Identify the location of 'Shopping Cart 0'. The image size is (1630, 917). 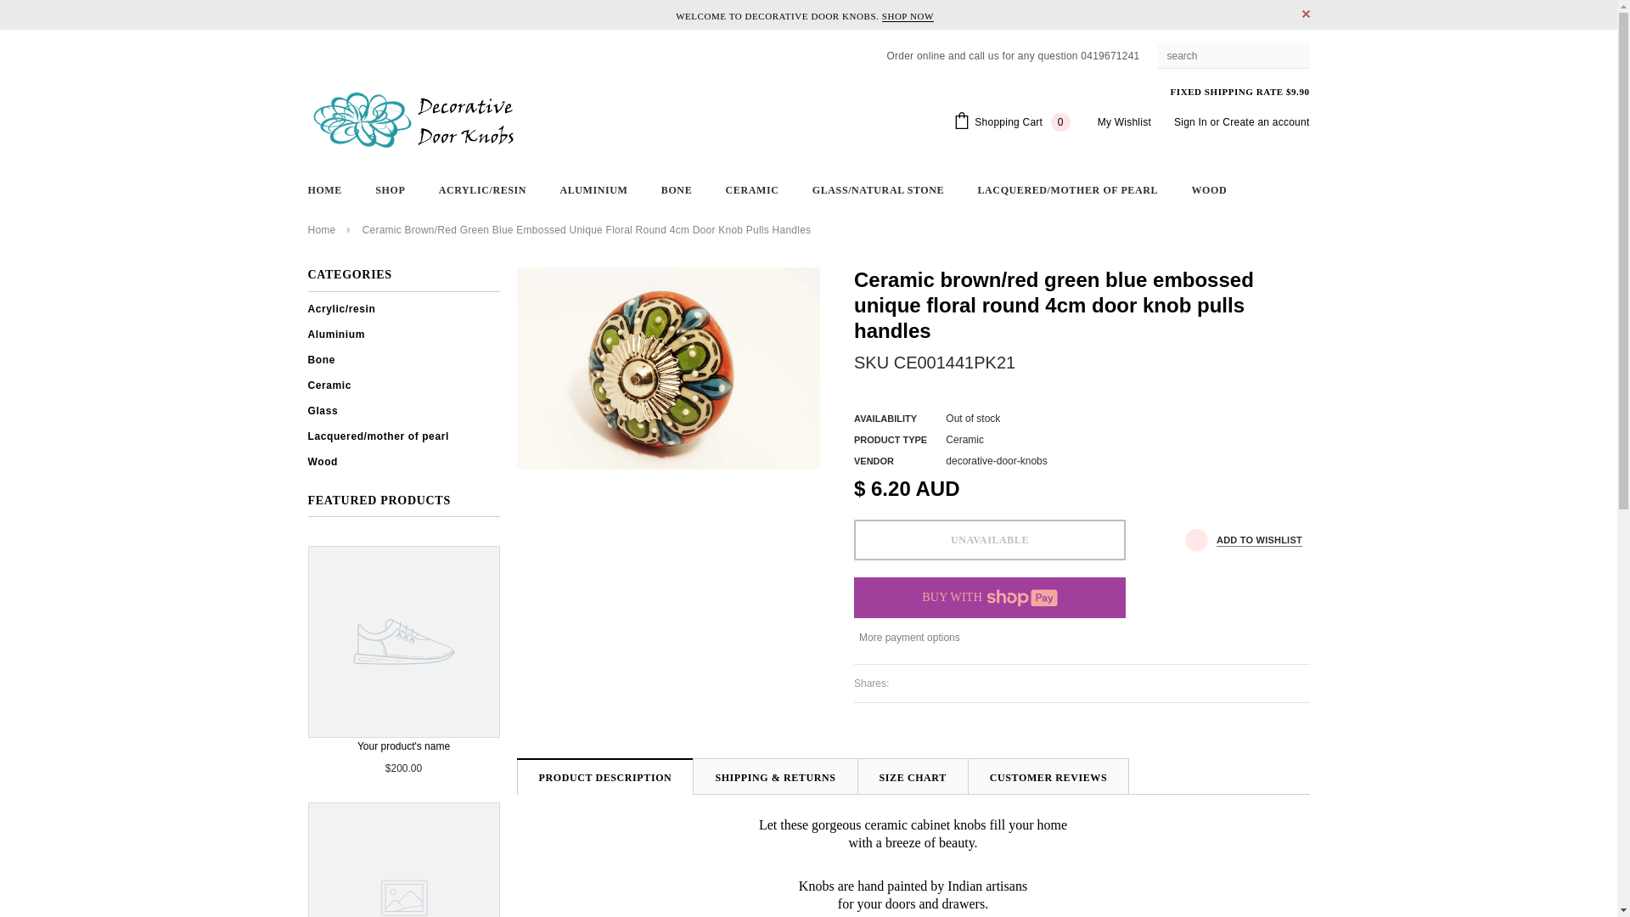
(1011, 121).